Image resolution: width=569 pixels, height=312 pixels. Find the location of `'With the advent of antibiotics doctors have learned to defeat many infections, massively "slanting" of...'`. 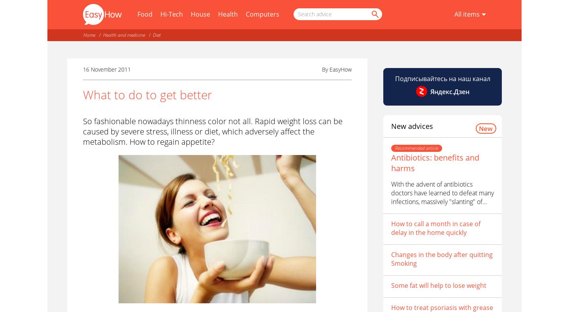

'With the advent of antibiotics doctors have learned to defeat many infections, massively "slanting" of...' is located at coordinates (442, 192).